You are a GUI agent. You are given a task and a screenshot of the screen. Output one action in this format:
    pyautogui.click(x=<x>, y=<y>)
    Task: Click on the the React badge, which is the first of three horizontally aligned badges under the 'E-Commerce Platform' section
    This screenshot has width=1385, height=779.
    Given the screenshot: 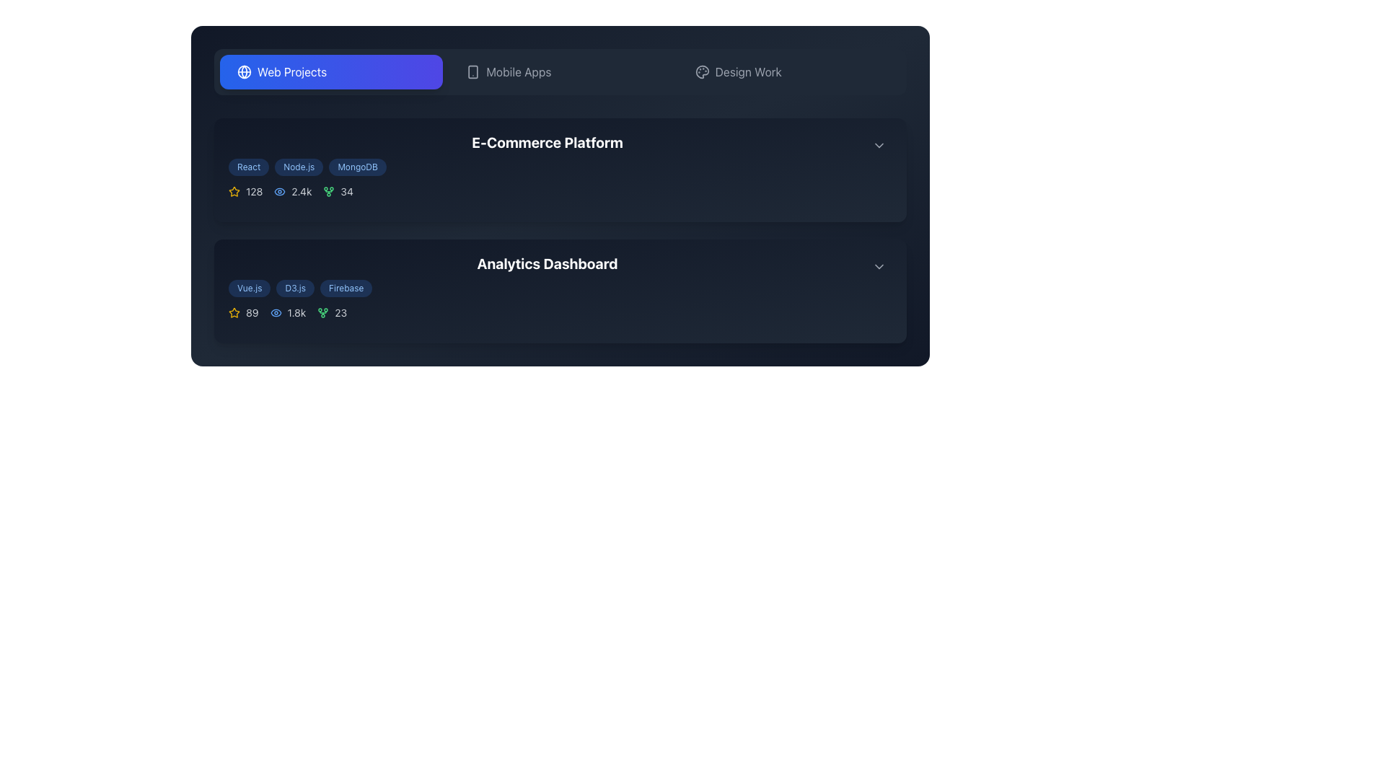 What is the action you would take?
    pyautogui.click(x=249, y=166)
    